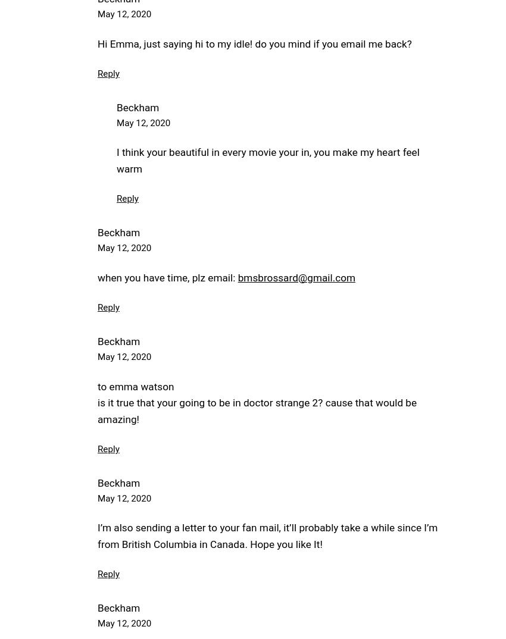 The image size is (506, 639). Describe the element at coordinates (267, 535) in the screenshot. I see `'I’m also sending a letter to your fan mail, it’ll probably take a while since I’m from British Columbia in Canada. Hope you like It!'` at that location.